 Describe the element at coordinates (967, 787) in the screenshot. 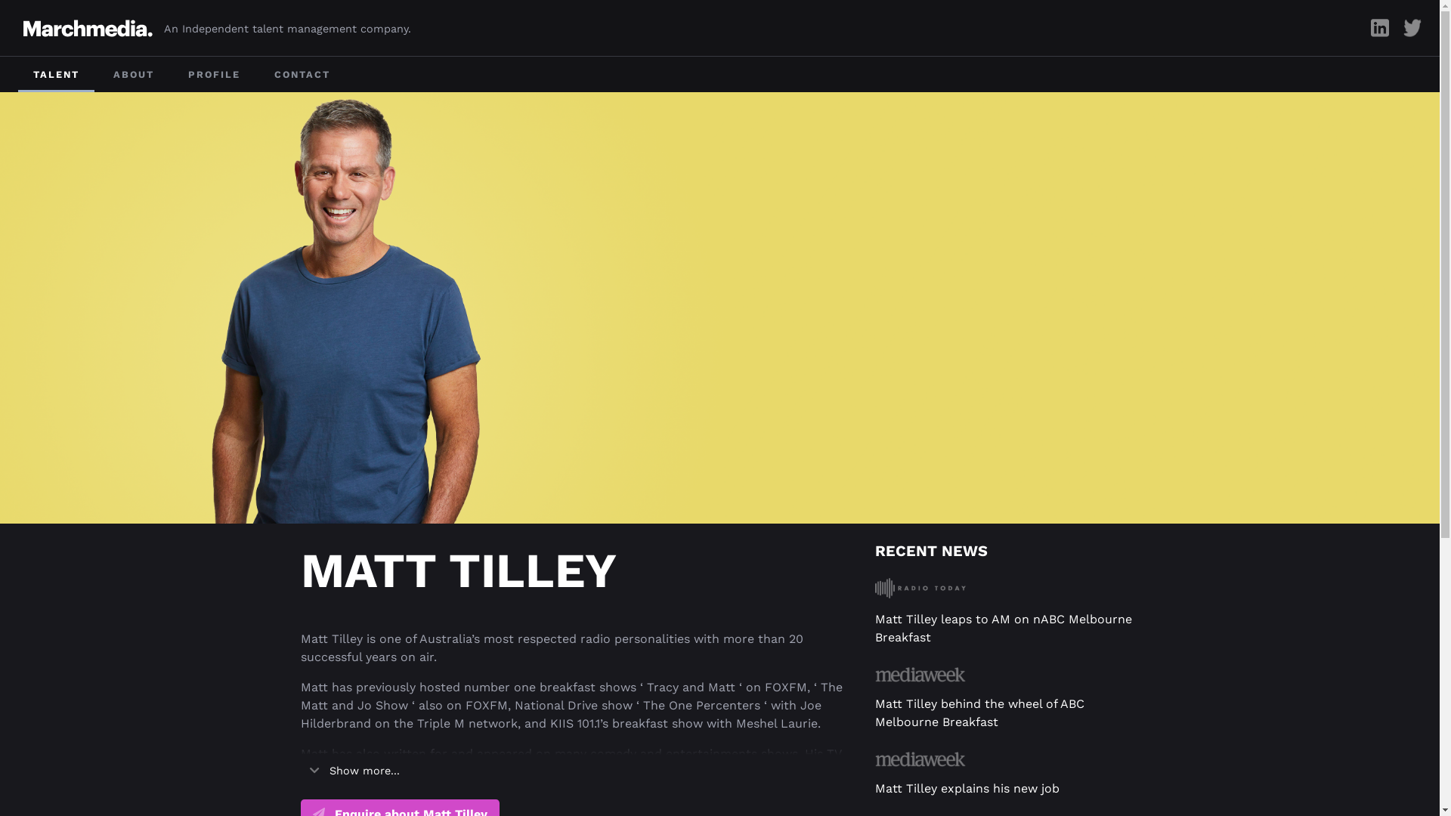

I see `'Matt Tilley explains his new job'` at that location.